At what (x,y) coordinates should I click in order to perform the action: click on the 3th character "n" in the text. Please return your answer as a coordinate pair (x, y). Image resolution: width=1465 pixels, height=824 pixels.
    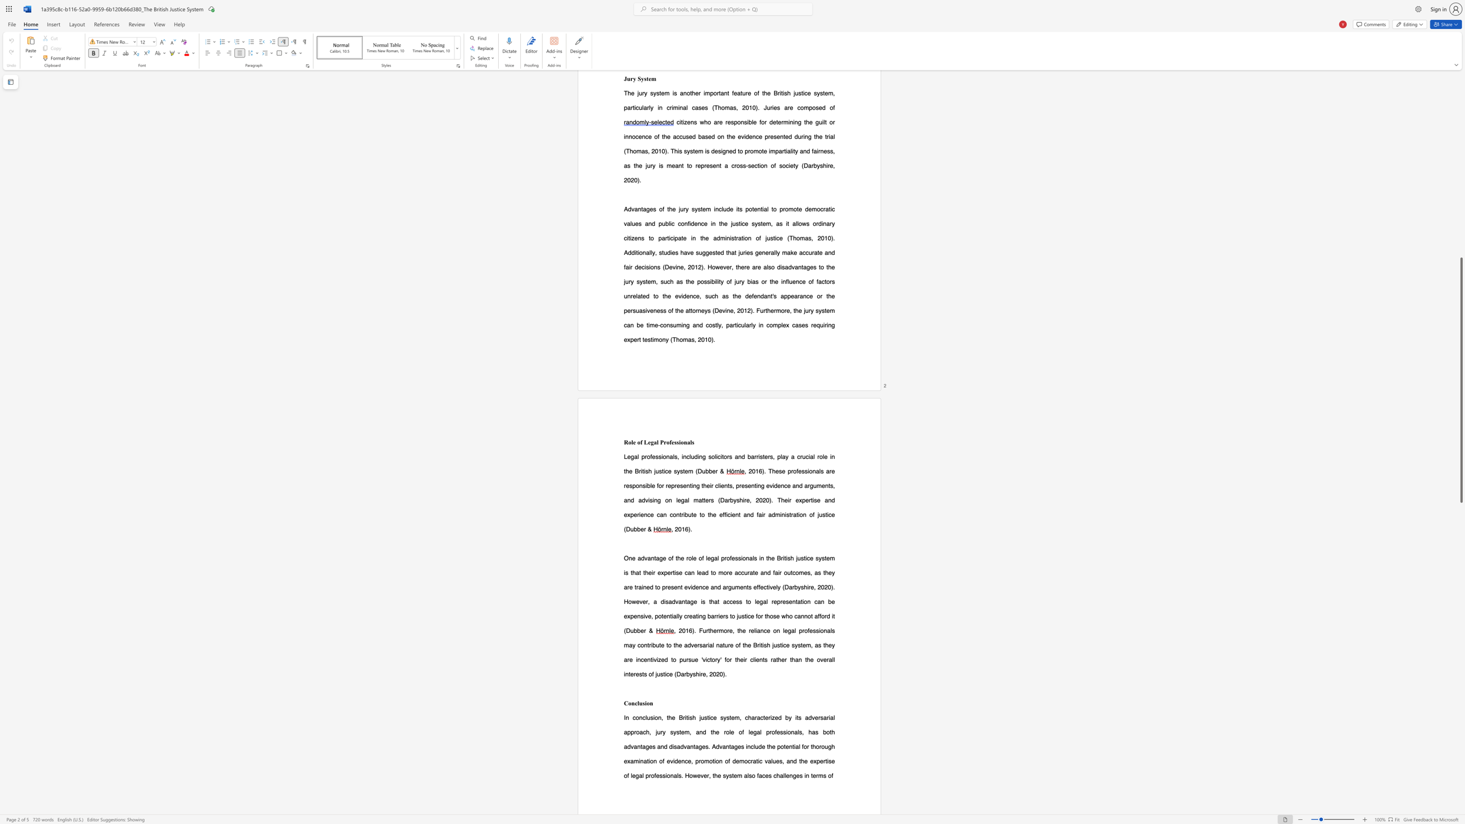
    Looking at the image, I should click on (807, 775).